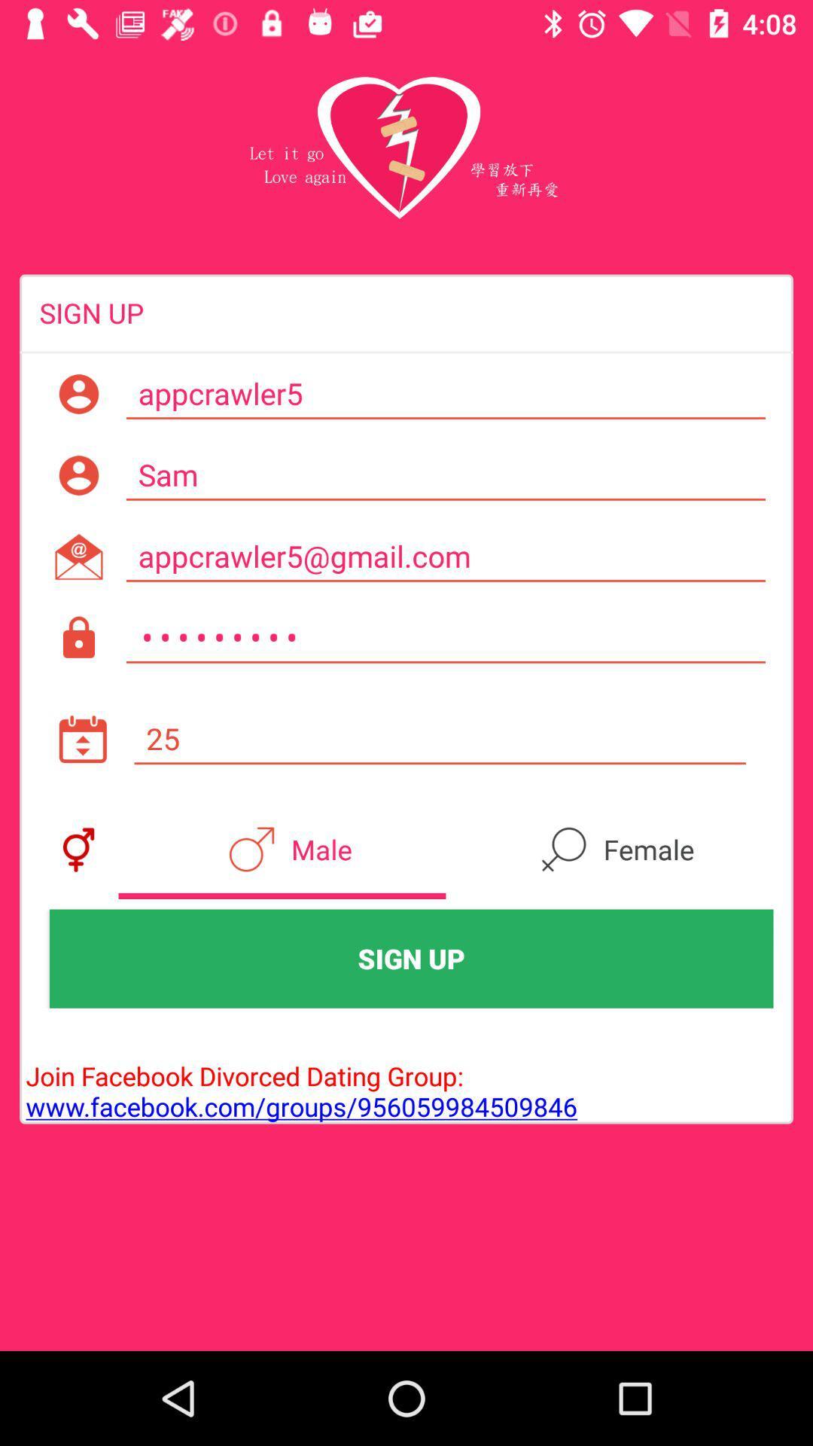 This screenshot has width=813, height=1446. Describe the element at coordinates (445, 556) in the screenshot. I see `appcrawler5@gmail.com item` at that location.